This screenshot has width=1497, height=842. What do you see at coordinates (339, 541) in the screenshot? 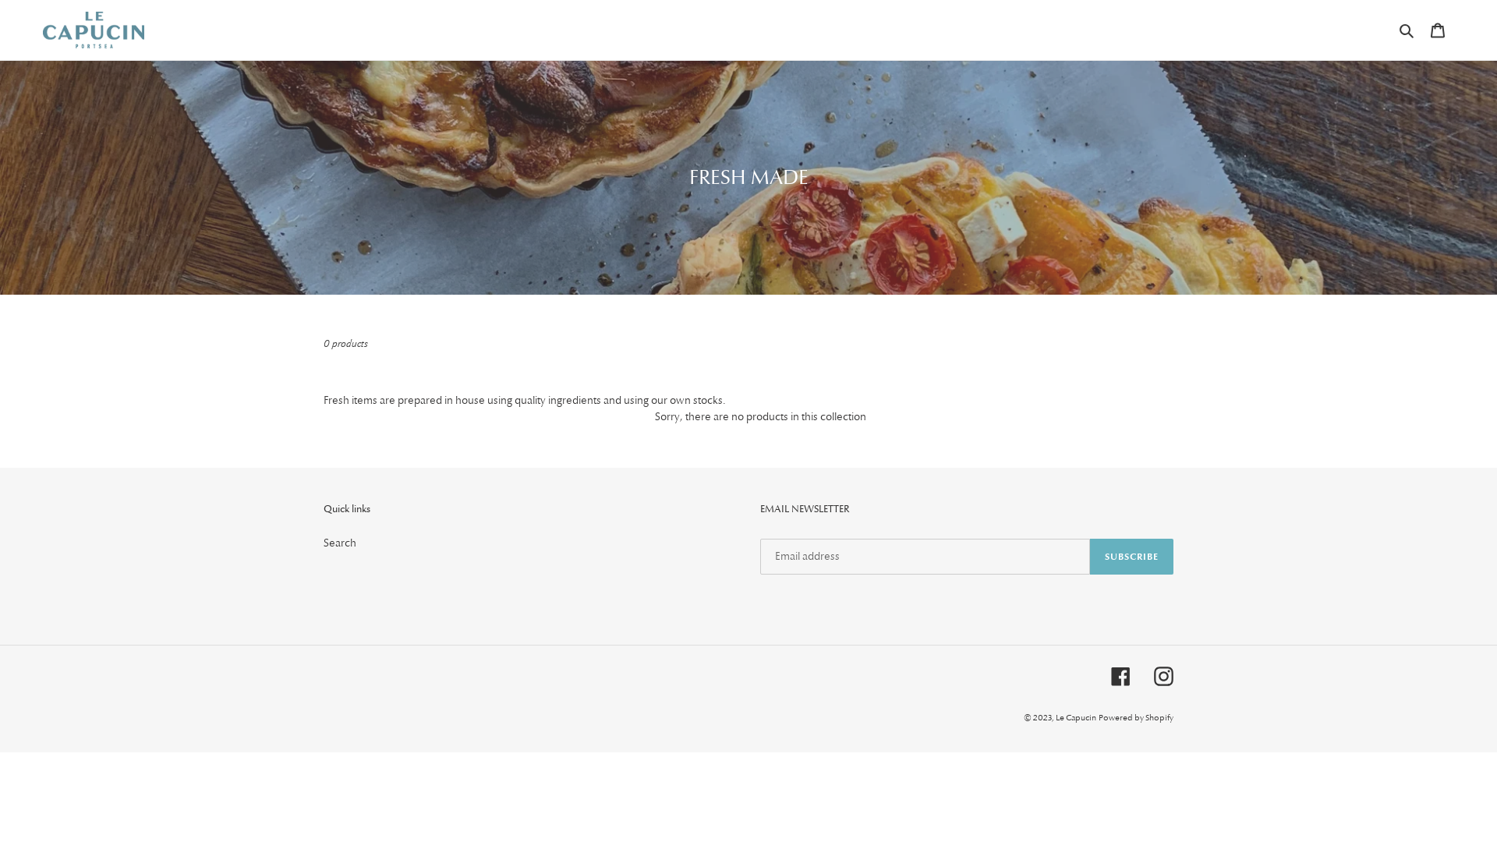
I see `'Search'` at bounding box center [339, 541].